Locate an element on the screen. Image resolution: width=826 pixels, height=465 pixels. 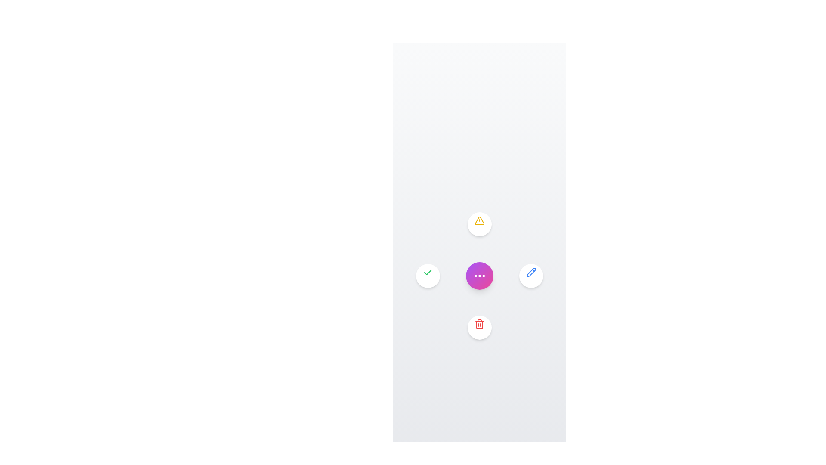
the 'Edit' button is located at coordinates (530, 276).